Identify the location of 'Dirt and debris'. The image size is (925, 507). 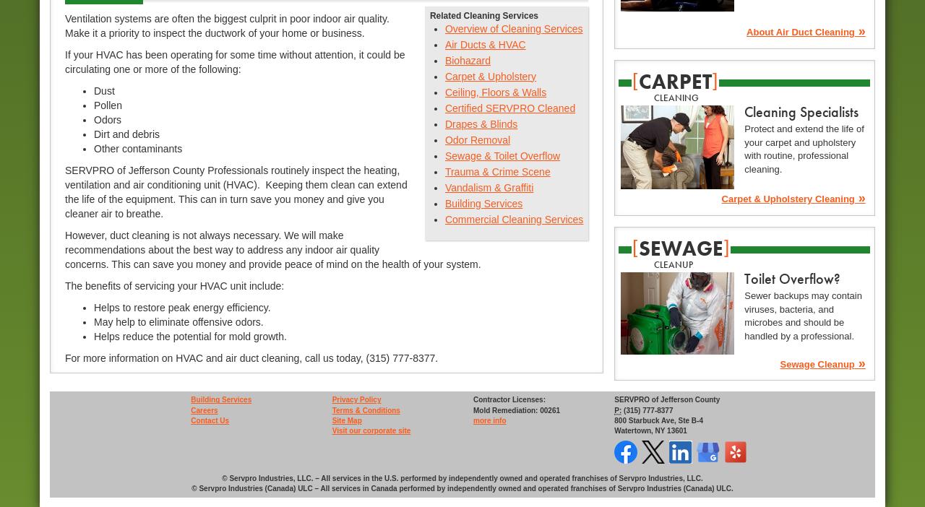
(93, 133).